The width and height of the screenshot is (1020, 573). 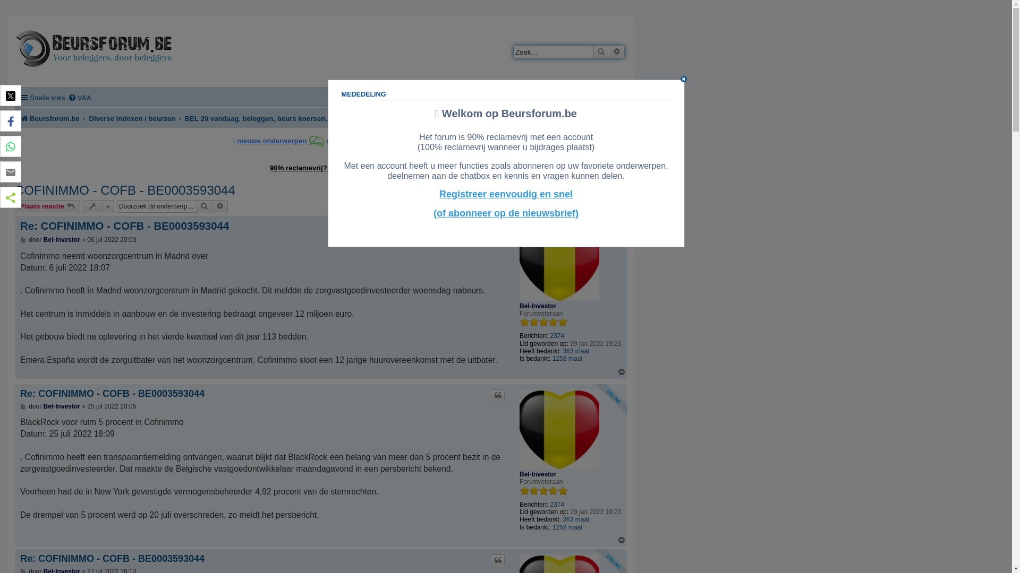 I want to click on 'Citeer', so click(x=497, y=395).